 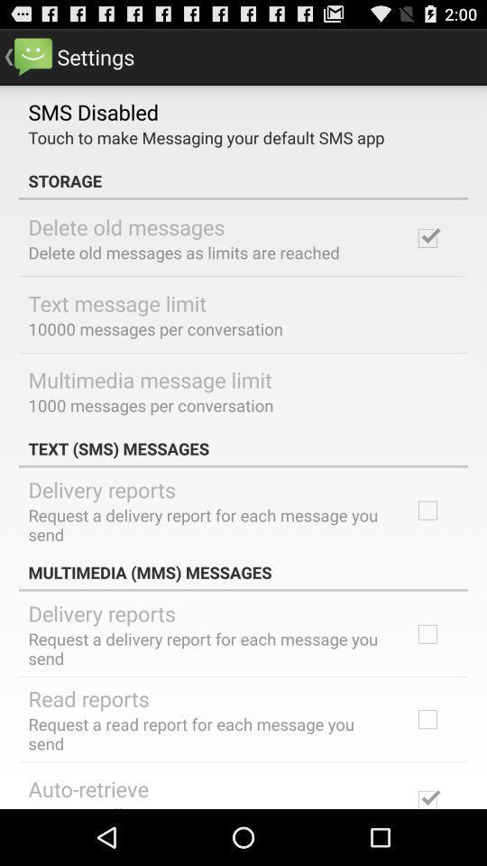 I want to click on automatically retrieve messages icon, so click(x=148, y=805).